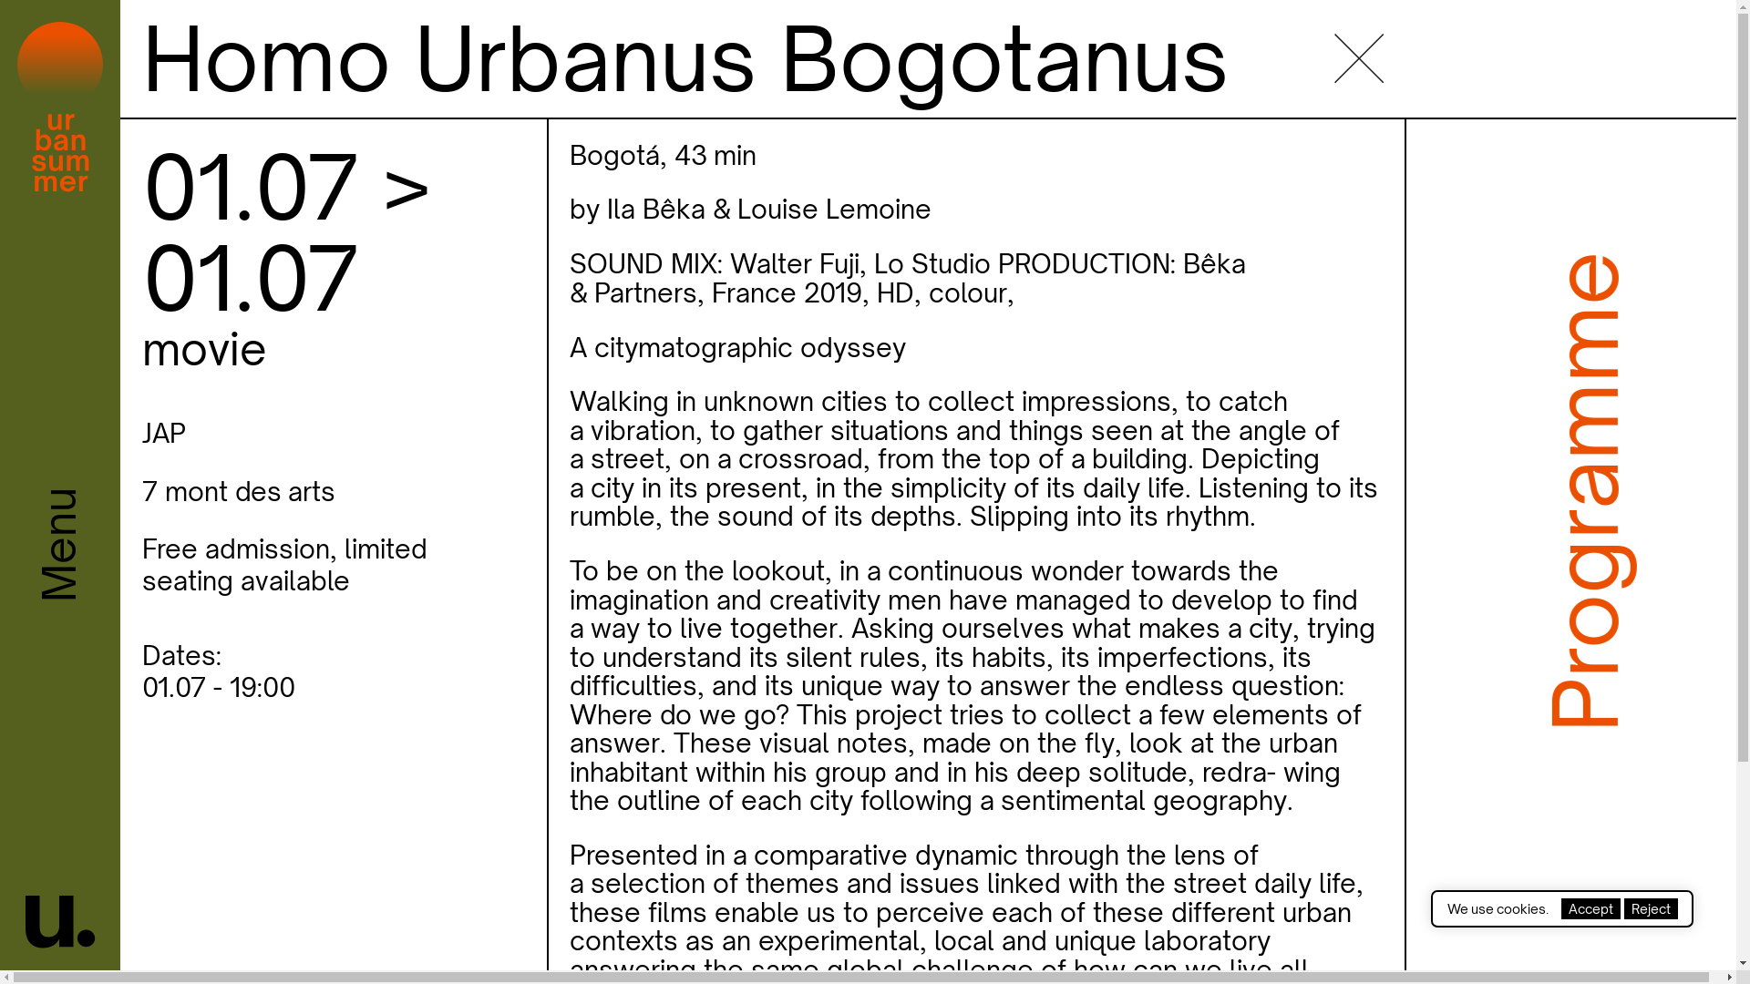  I want to click on 'Menu', so click(0, 484).